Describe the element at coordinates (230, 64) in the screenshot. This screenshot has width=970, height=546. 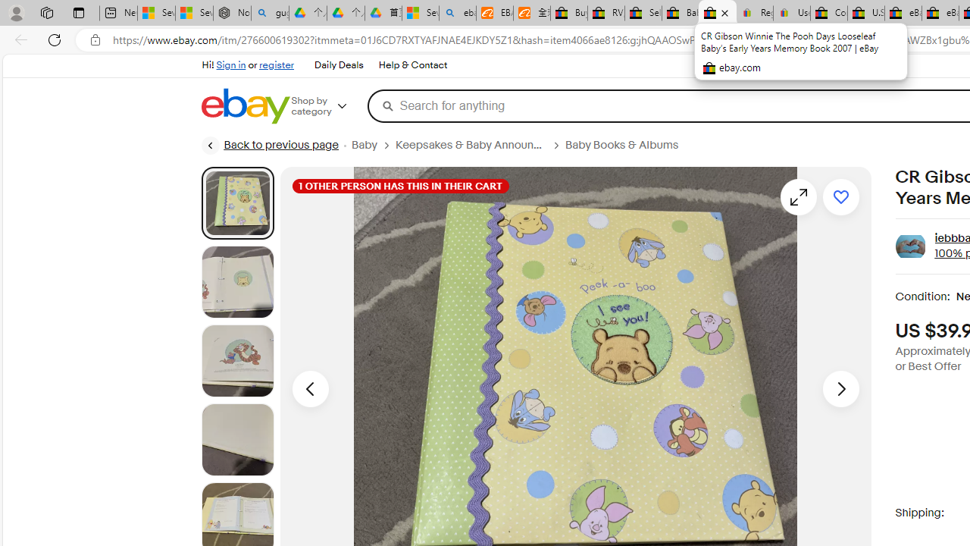
I see `'Sign in'` at that location.